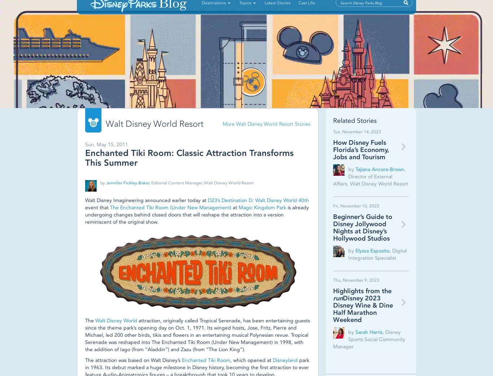  I want to click on ', Disney Sports Social Community Manager', so click(369, 339).